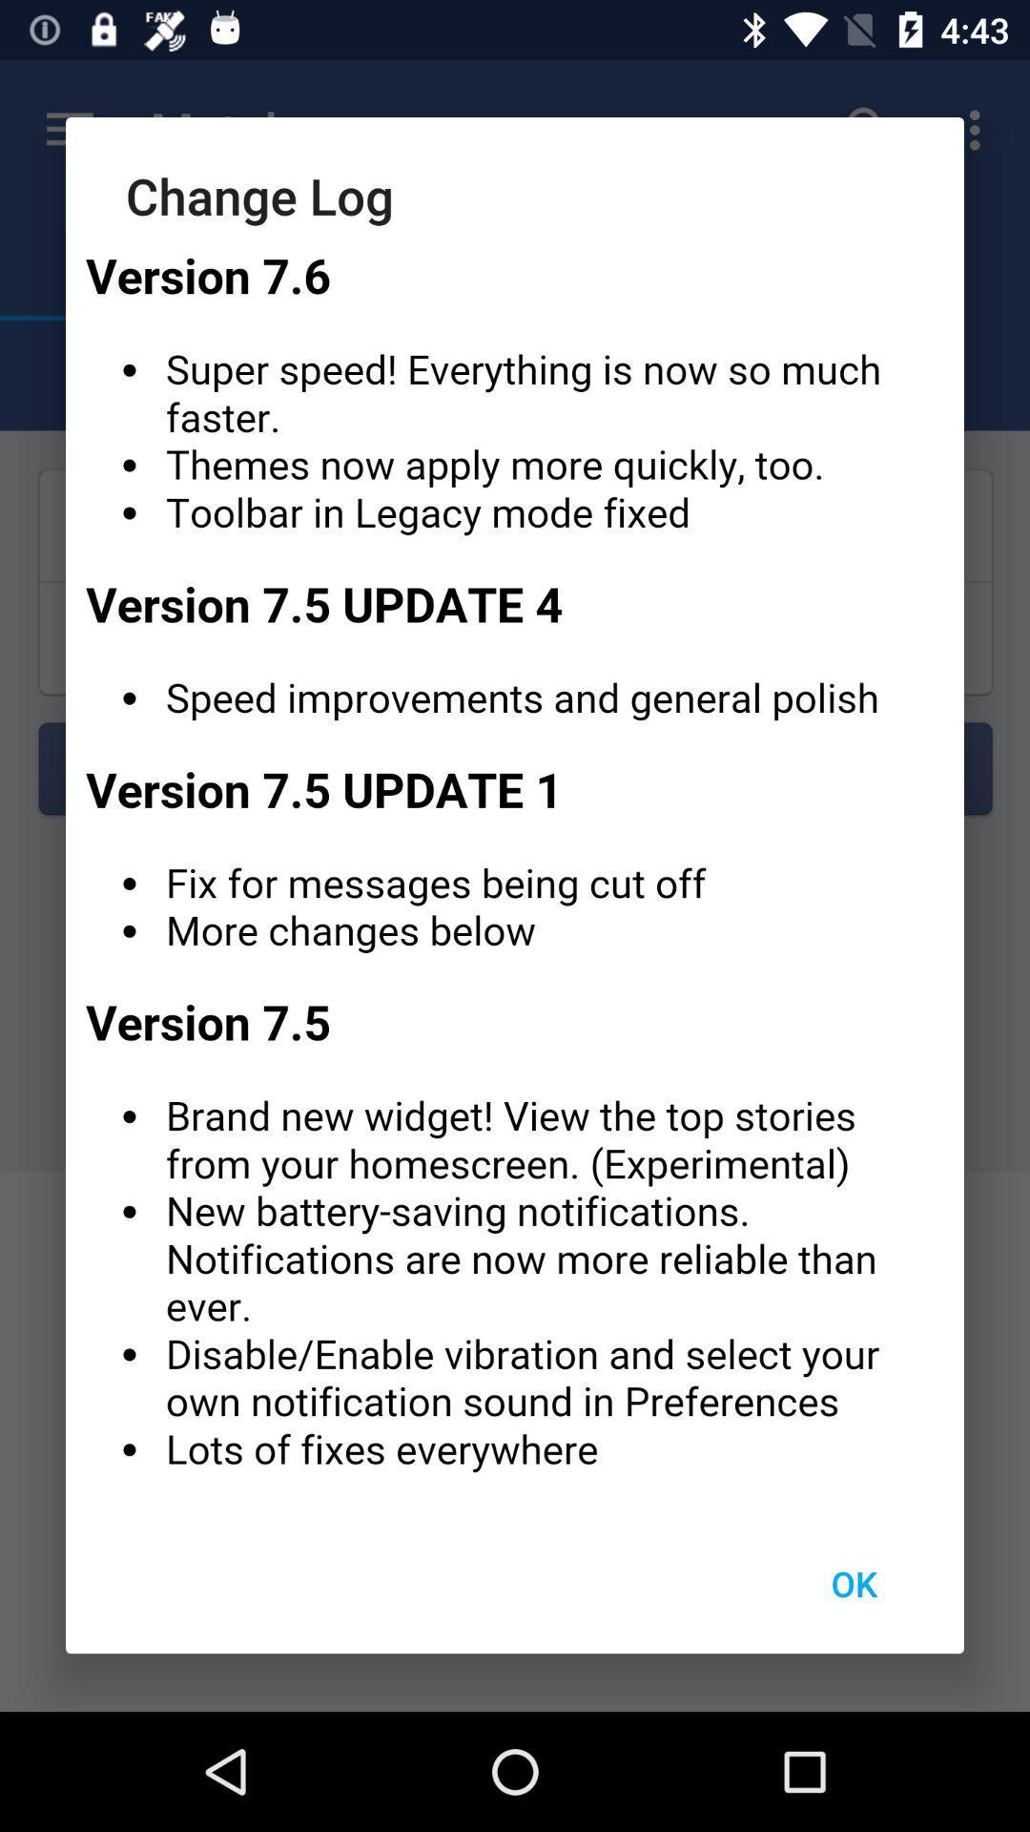  I want to click on change log page, so click(515, 870).